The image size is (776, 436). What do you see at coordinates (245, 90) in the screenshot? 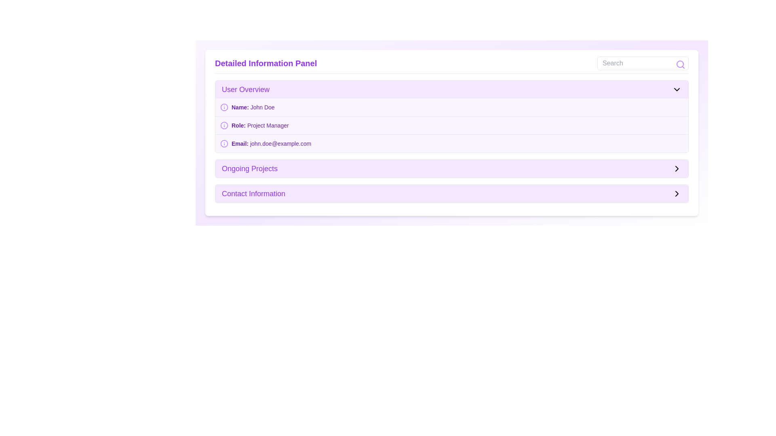
I see `the 'User Overview' label, which displays the text in bold purple font against a light purple background, located at the top-left section of the 'Detailed Information Panel'` at bounding box center [245, 90].